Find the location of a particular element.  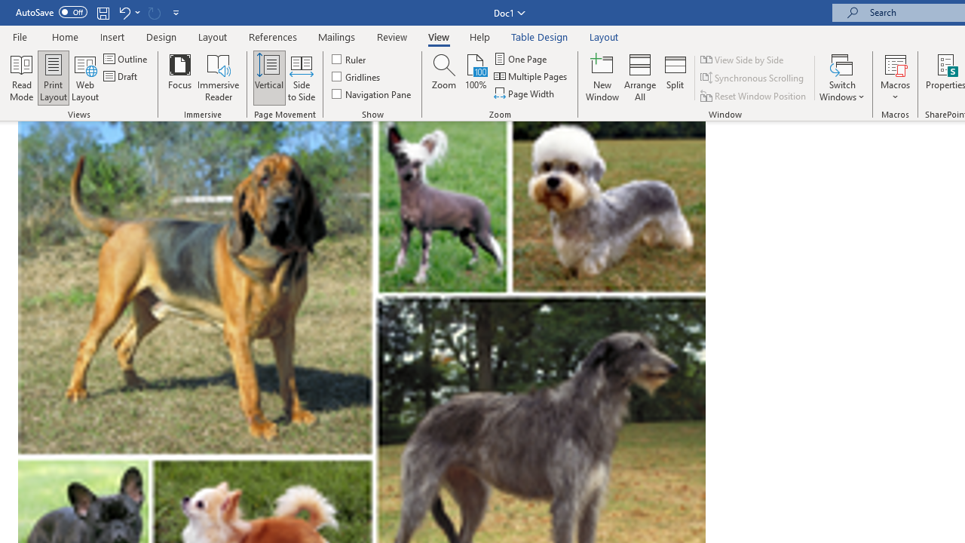

'Macros' is located at coordinates (895, 78).